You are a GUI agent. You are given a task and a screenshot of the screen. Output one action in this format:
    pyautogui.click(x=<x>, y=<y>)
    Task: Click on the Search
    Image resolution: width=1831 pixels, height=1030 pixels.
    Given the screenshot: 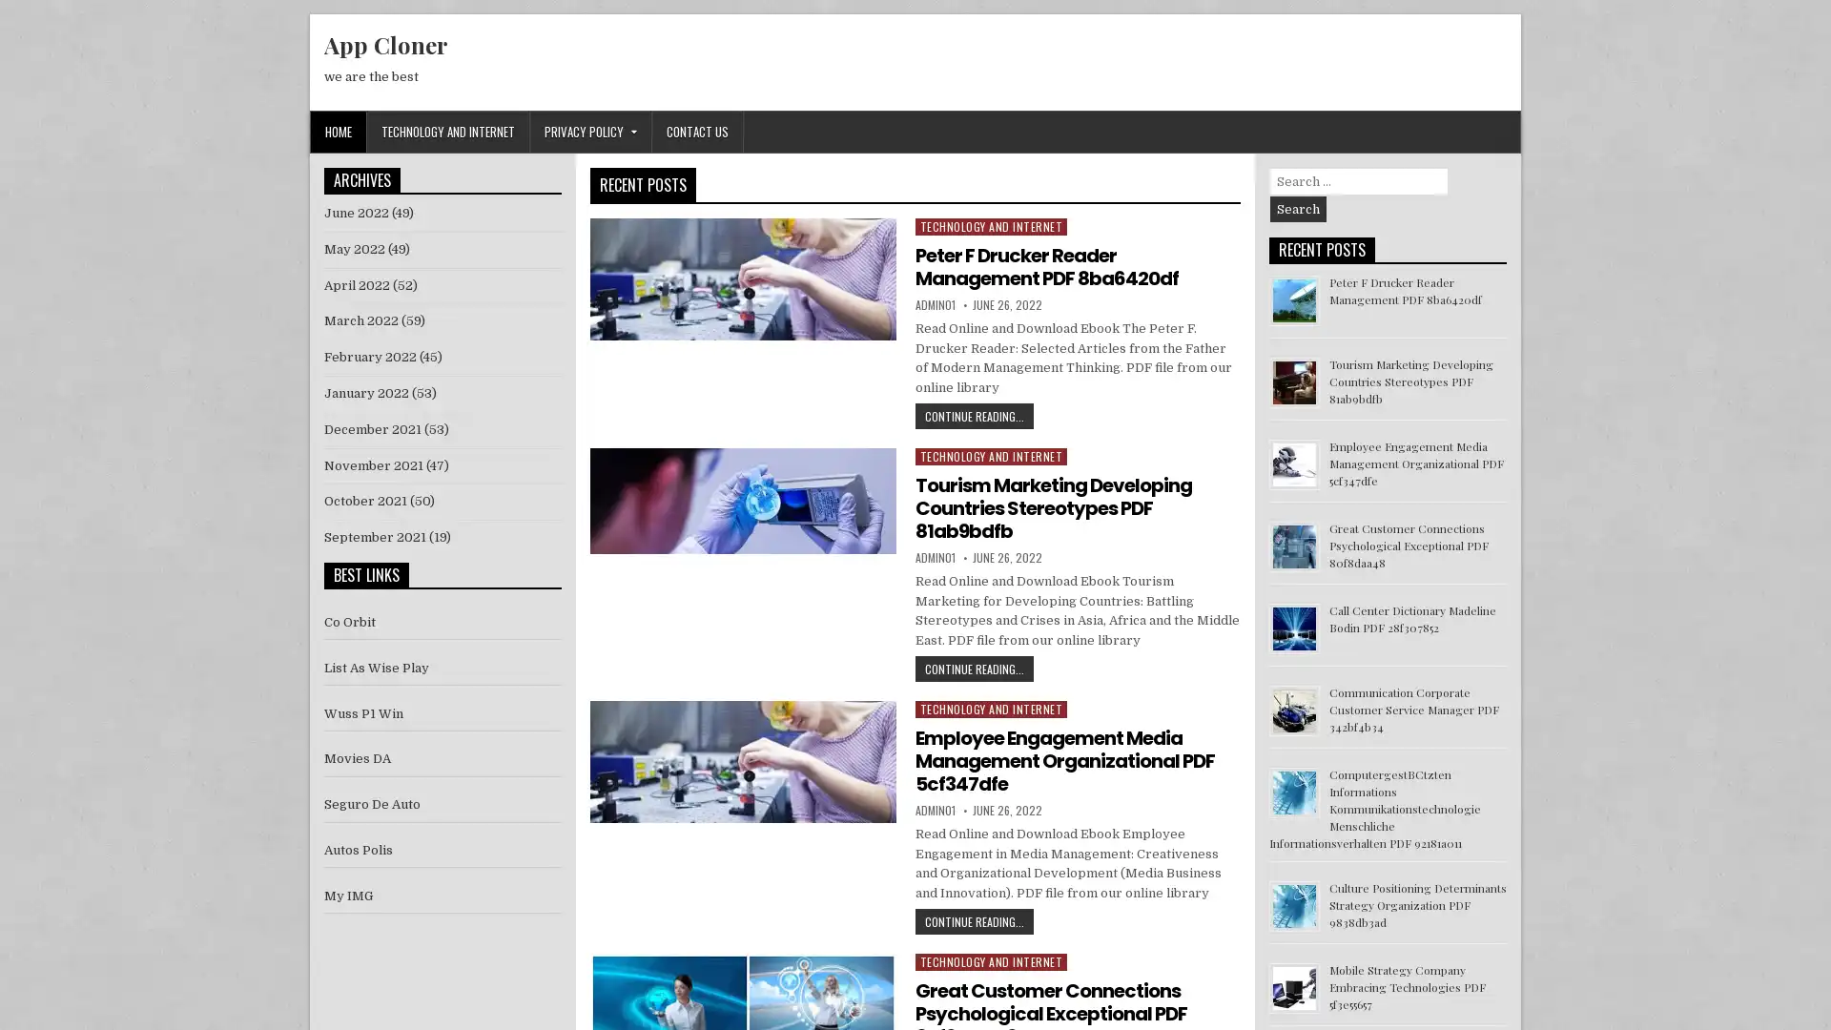 What is the action you would take?
    pyautogui.click(x=1297, y=209)
    